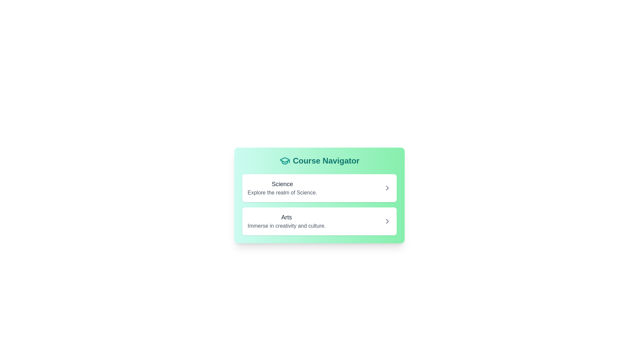  What do you see at coordinates (387, 221) in the screenshot?
I see `the navigation arrow icon located to the far right of the 'Arts' listing in the 'Course Navigator' component` at bounding box center [387, 221].